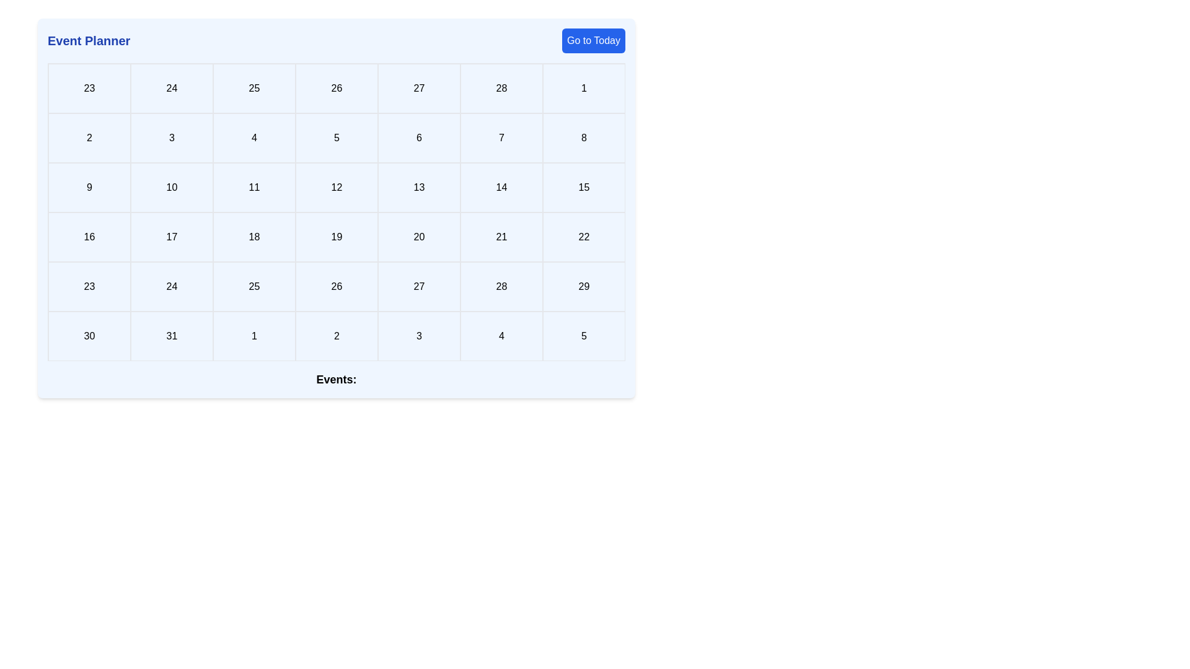 The width and height of the screenshot is (1190, 669). Describe the element at coordinates (583, 336) in the screenshot. I see `the last grid cell in the calendar layout` at that location.